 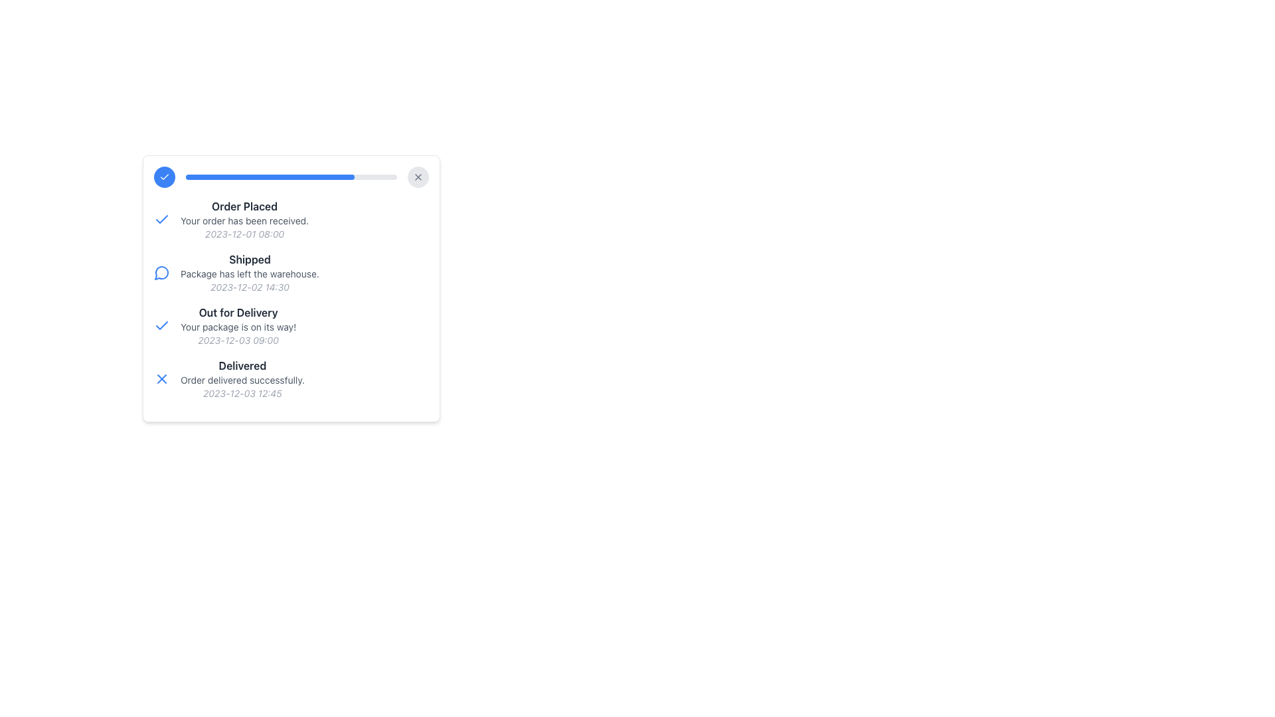 I want to click on the 'Delivered' stage icon located directly to the left of the text 'Delivered' and 'Order delivered successfully. 2023-12-03 12:45' in the bottom-most row of the progress section, so click(x=161, y=378).